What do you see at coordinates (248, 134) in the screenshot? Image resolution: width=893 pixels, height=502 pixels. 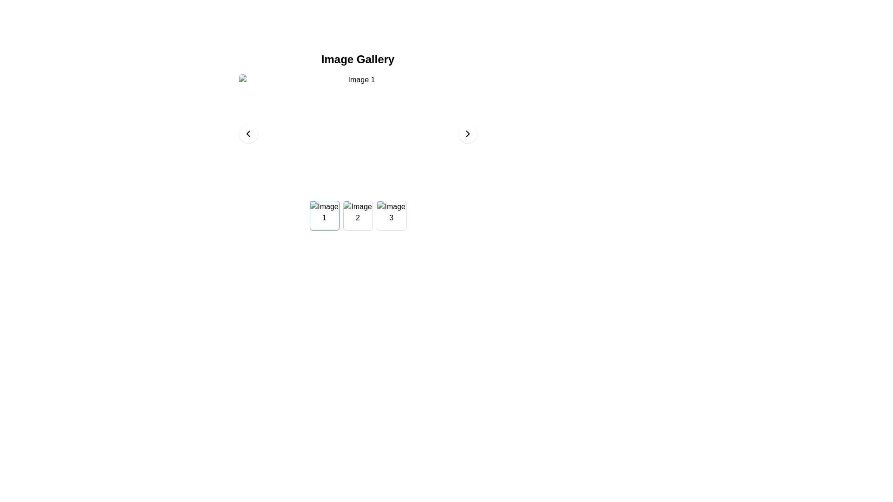 I see `the leftward-pointing chevron icon within the circular button` at bounding box center [248, 134].